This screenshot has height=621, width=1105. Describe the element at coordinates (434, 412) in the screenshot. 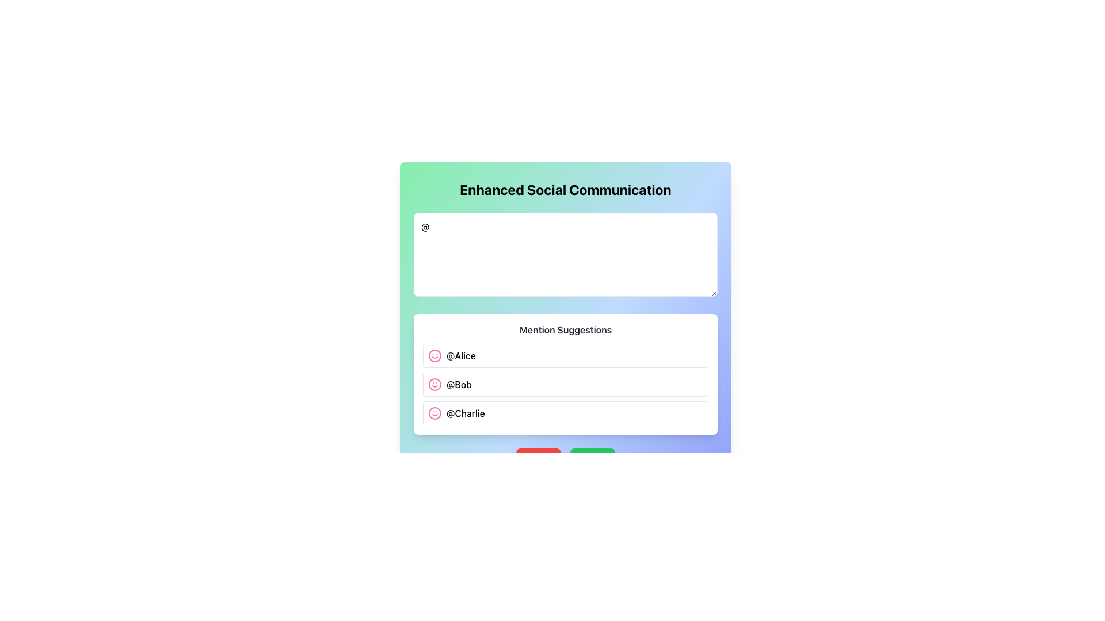

I see `visual details of the circular smiley face icon with a pink outline, located as the leftmost part of the mention suggestion for '@Charlie'` at that location.